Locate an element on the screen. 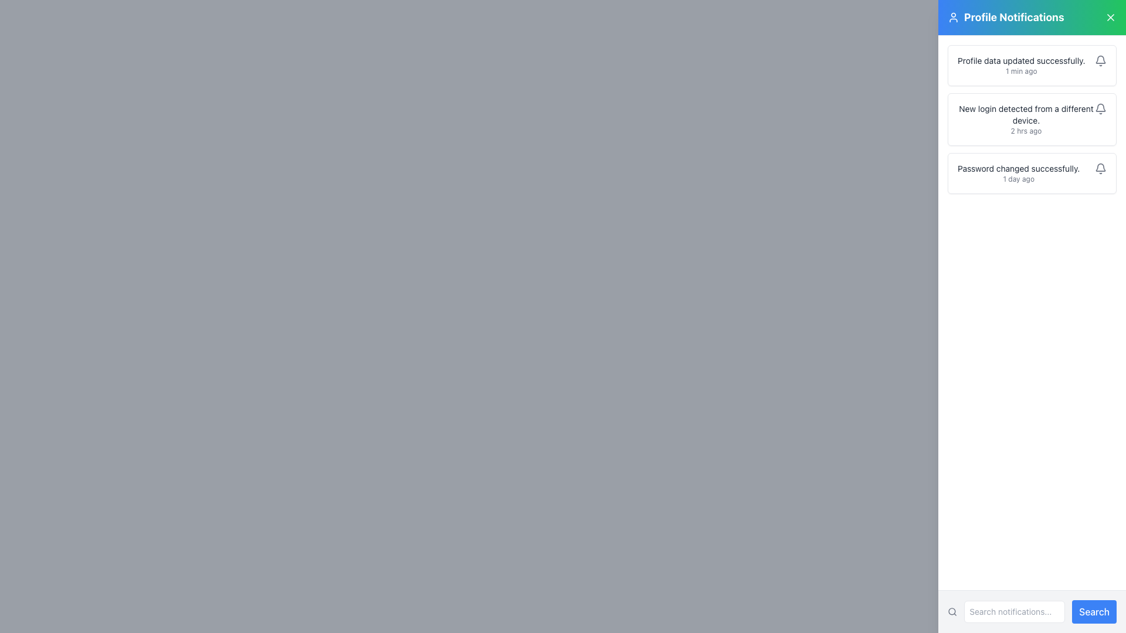  the gray bell icon located next to the notification text 'Profile data updated successfully' to interact with the notification is located at coordinates (1100, 61).